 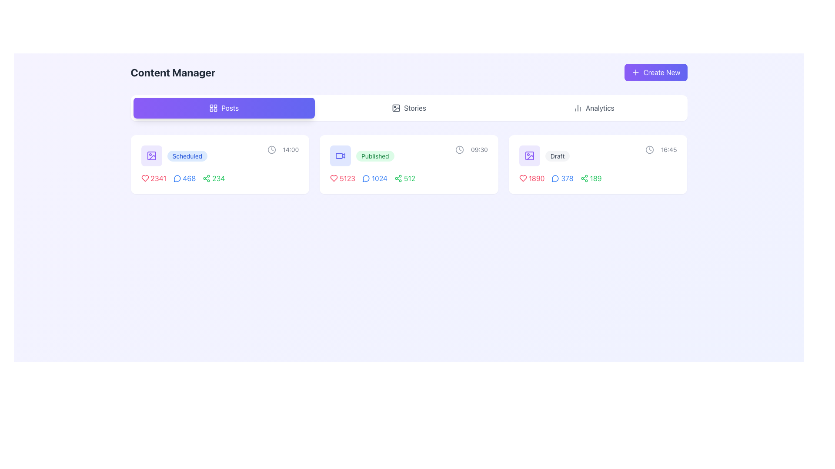 I want to click on the sharing icon located near the bottom-right area of the first item box under 'Posts', which is positioned as the leading icon of the last row containing numerical data and other icons in this box, so click(x=206, y=178).